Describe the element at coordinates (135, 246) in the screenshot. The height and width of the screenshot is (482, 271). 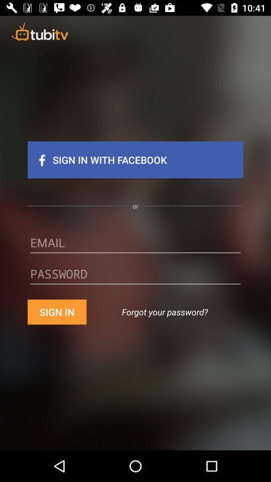
I see `item below or` at that location.